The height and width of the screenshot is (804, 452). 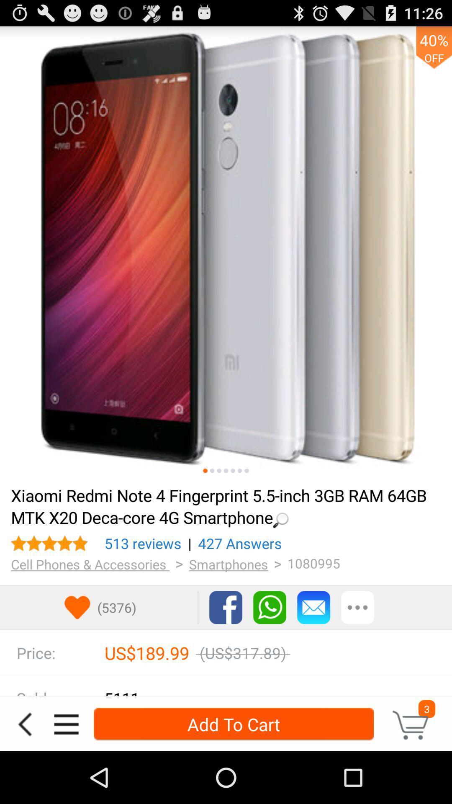 What do you see at coordinates (357, 607) in the screenshot?
I see `more options` at bounding box center [357, 607].